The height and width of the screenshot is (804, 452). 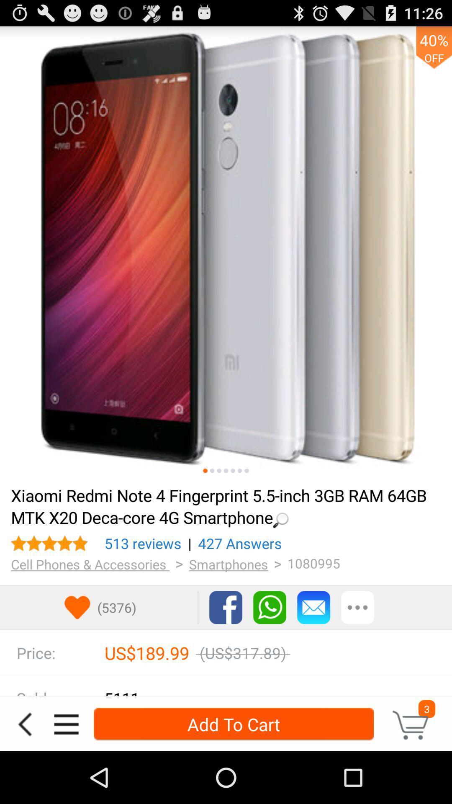 What do you see at coordinates (357, 607) in the screenshot?
I see `more options` at bounding box center [357, 607].